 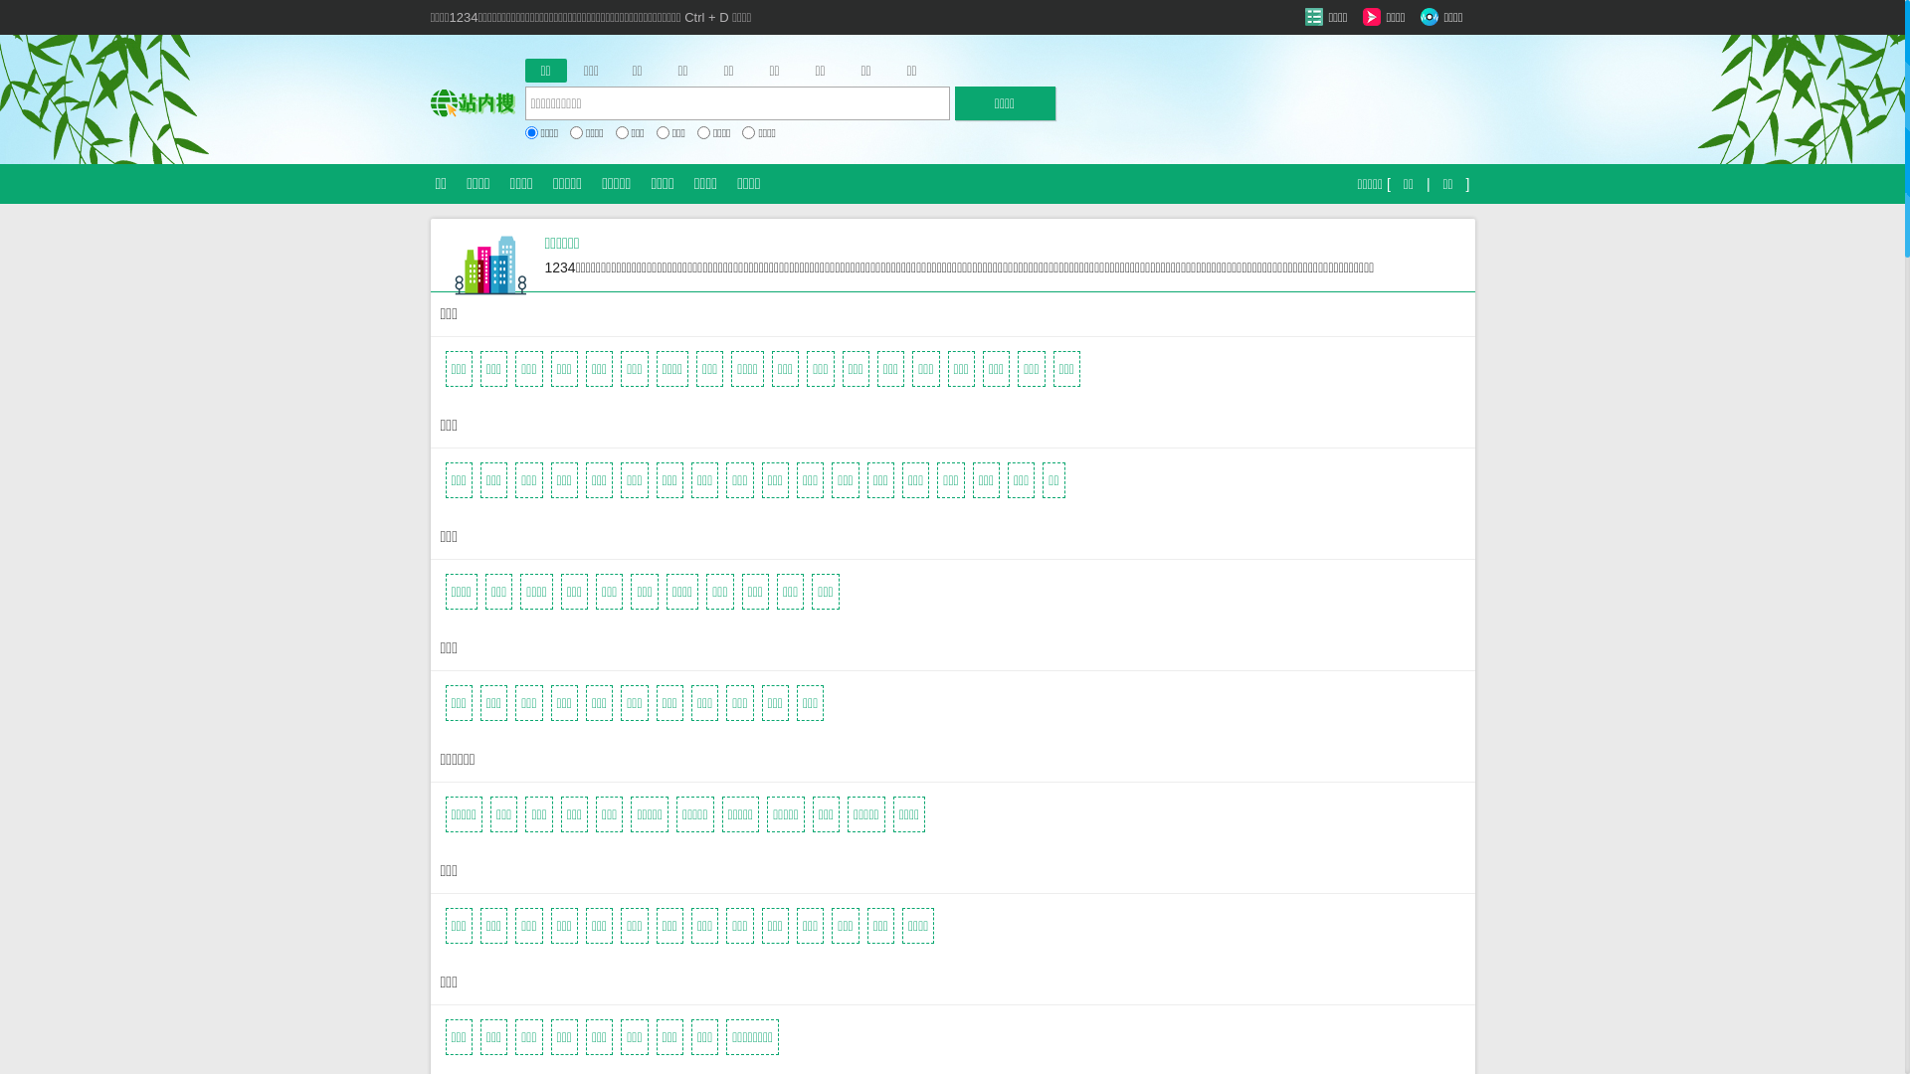 What do you see at coordinates (740, 132) in the screenshot?
I see `'on'` at bounding box center [740, 132].